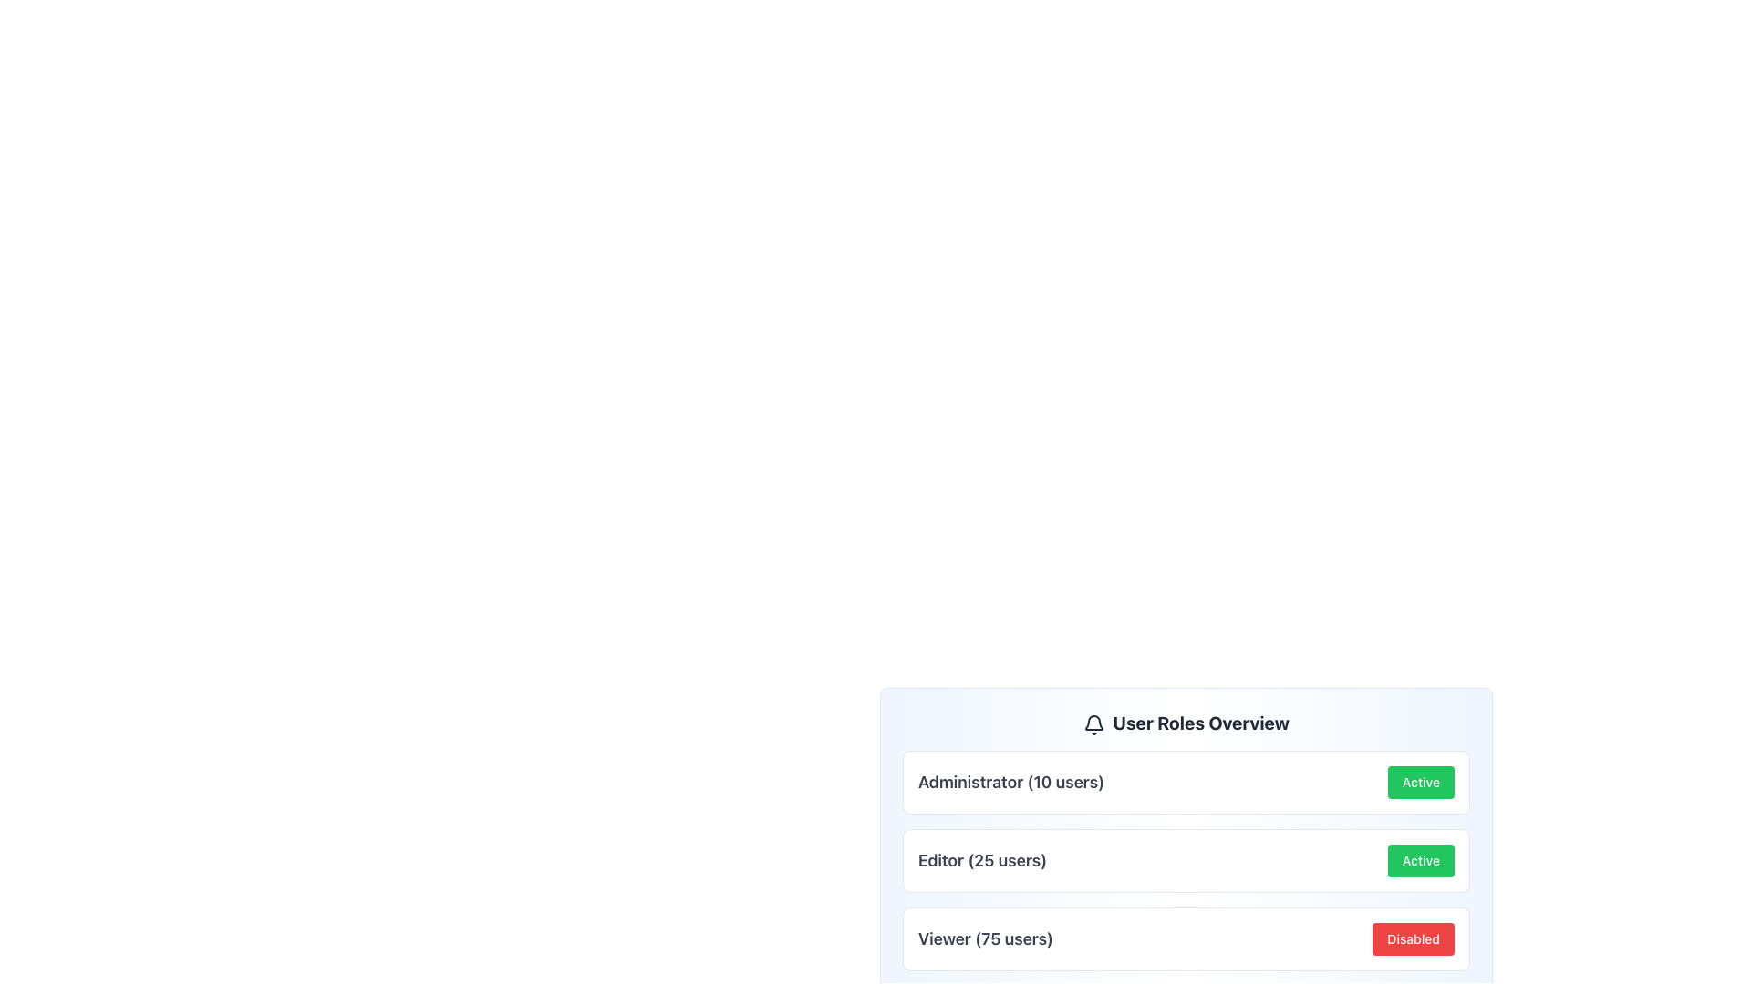 The height and width of the screenshot is (984, 1751). I want to click on text label indicating 'Editor' with the user count of '25 users' located in the upper-left portion of the card labeled 'Editor (25 users)Active', so click(981, 861).